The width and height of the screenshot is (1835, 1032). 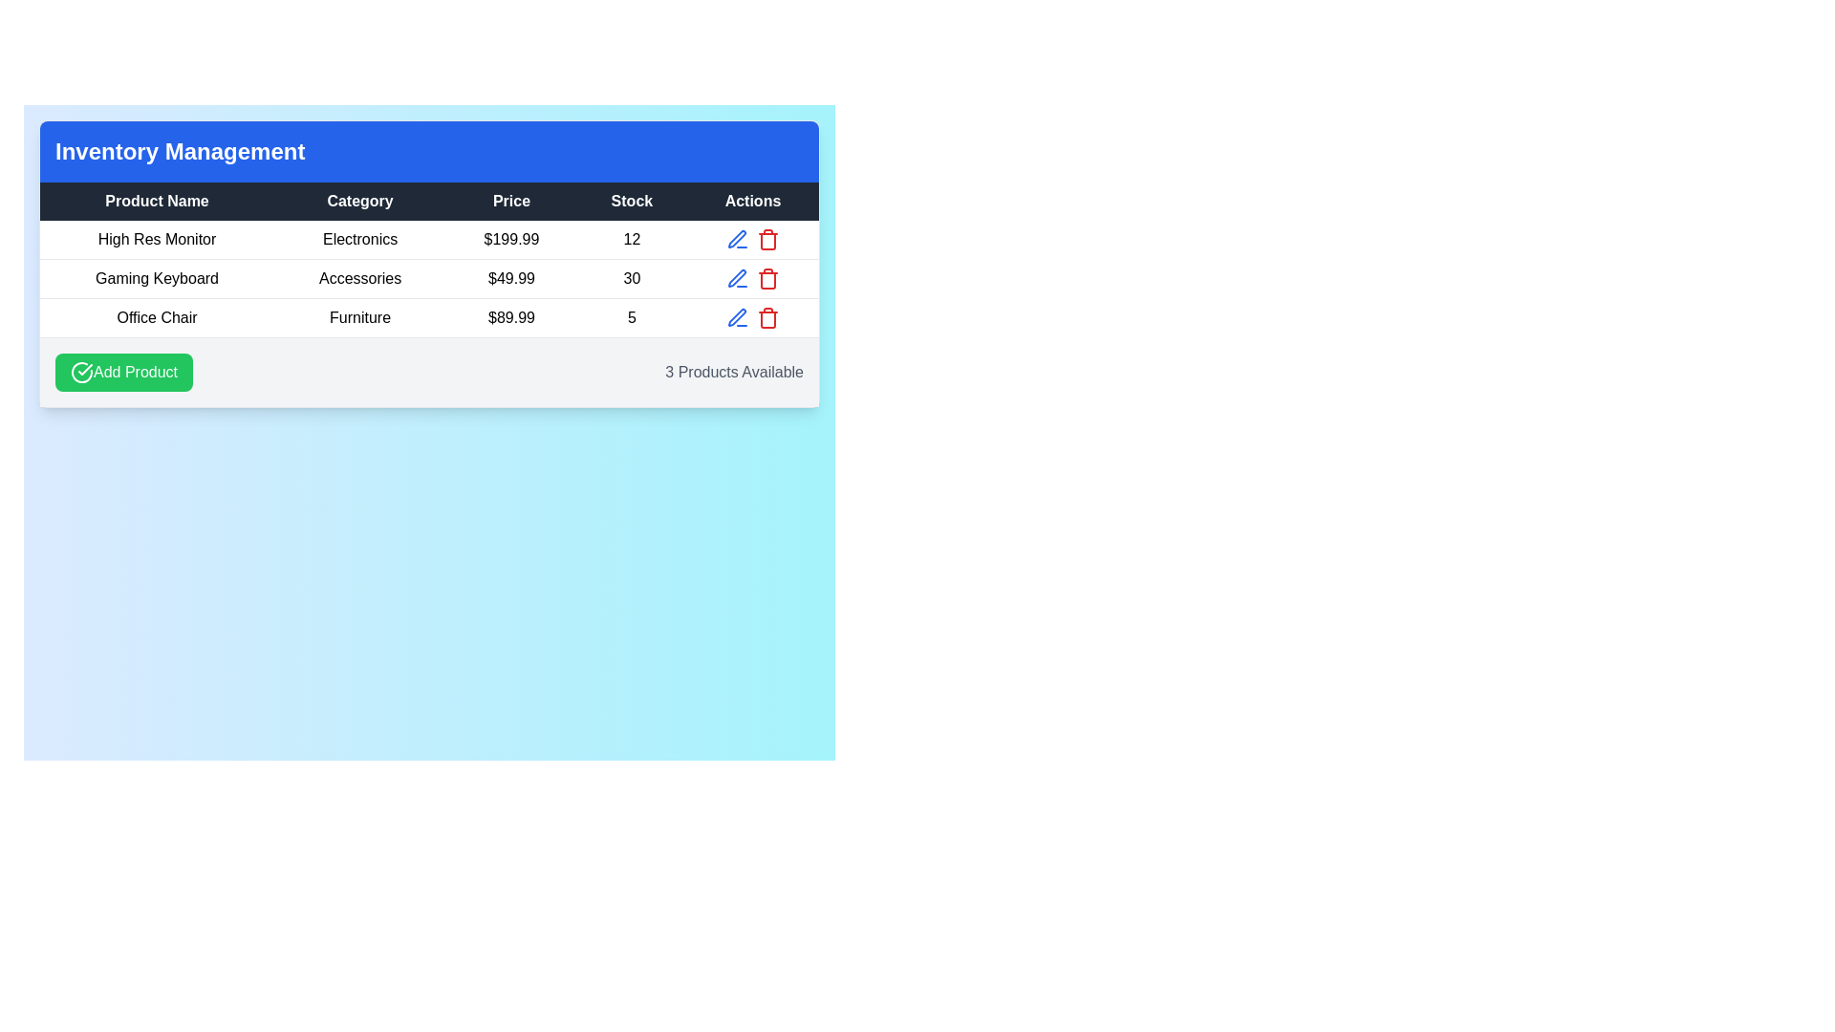 What do you see at coordinates (428, 239) in the screenshot?
I see `product information for the first row in the table containing details about 'High Res Monitor', including its category, price, and stock` at bounding box center [428, 239].